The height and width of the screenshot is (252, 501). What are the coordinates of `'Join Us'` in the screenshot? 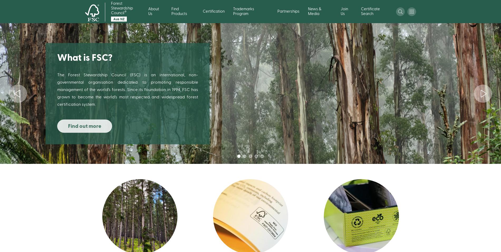 It's located at (344, 11).